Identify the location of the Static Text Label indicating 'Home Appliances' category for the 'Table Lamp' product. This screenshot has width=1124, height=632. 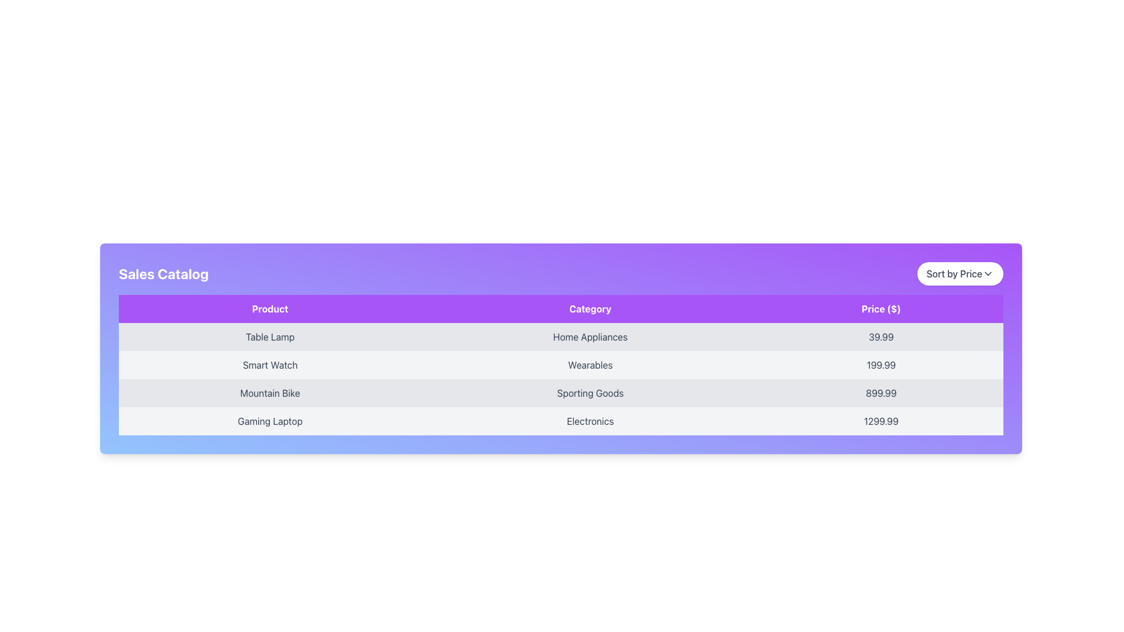
(590, 336).